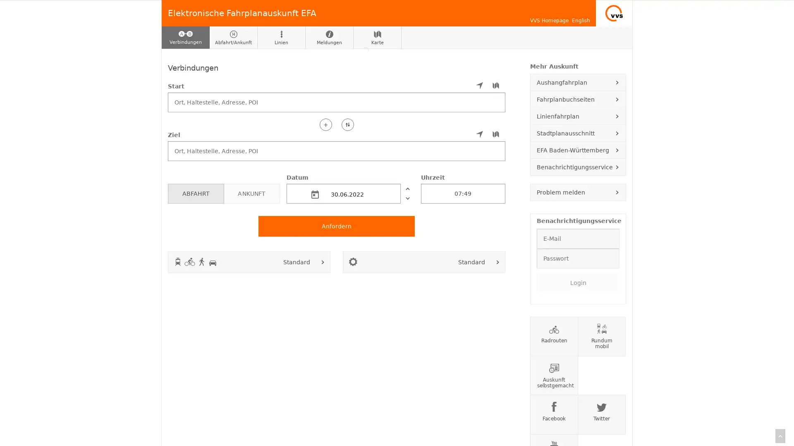  I want to click on +, so click(325, 124).